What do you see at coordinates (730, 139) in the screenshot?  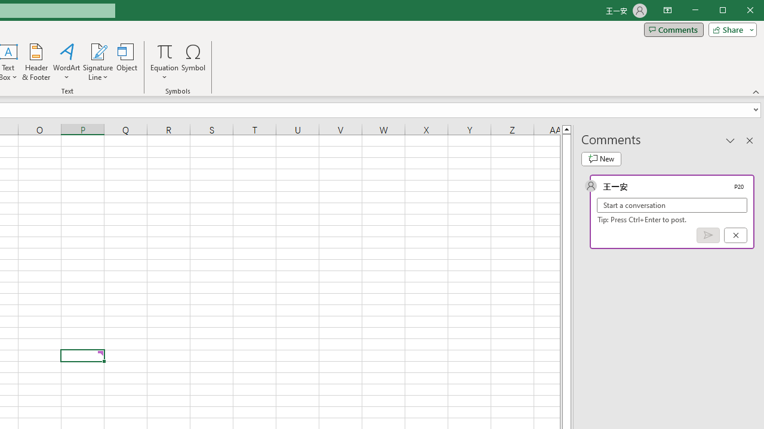 I see `'Task Pane Options'` at bounding box center [730, 139].